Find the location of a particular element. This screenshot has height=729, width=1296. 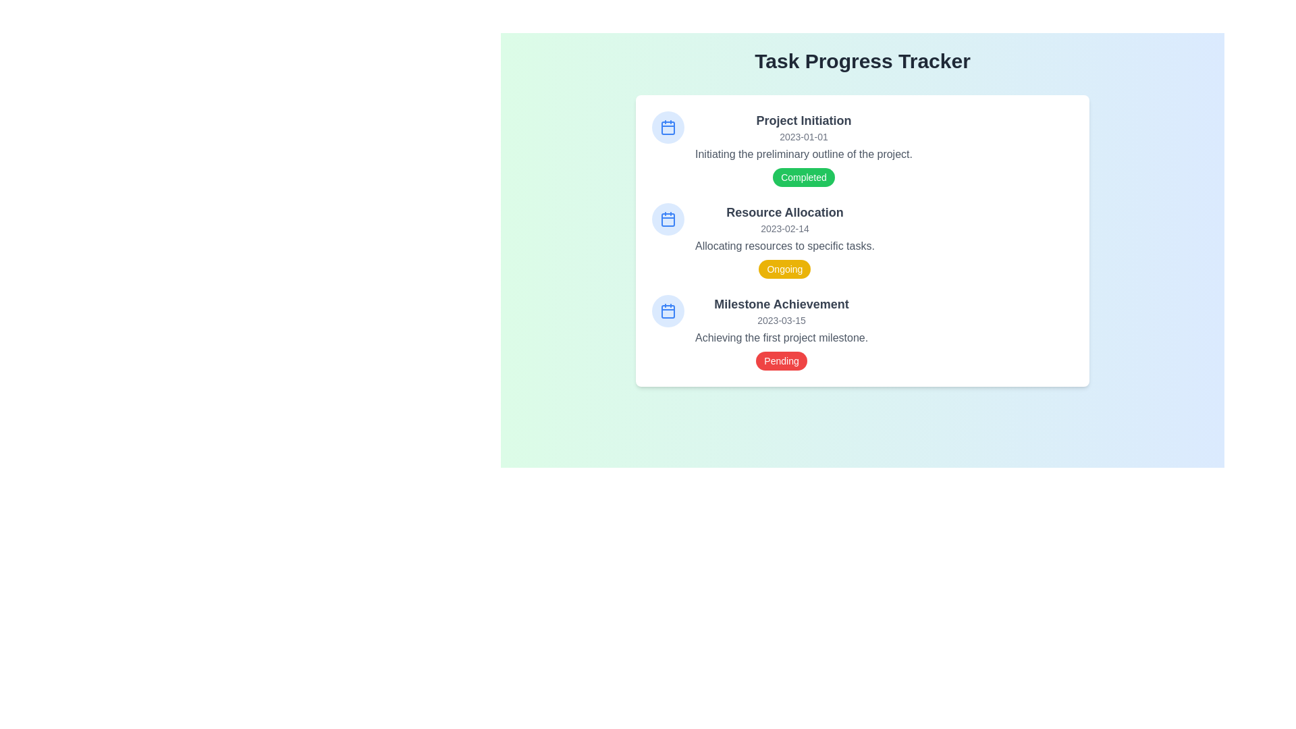

the yellow button-like badge labeled 'Ongoing' in the Informational panel for the task 'Resource Allocation' is located at coordinates (784, 240).